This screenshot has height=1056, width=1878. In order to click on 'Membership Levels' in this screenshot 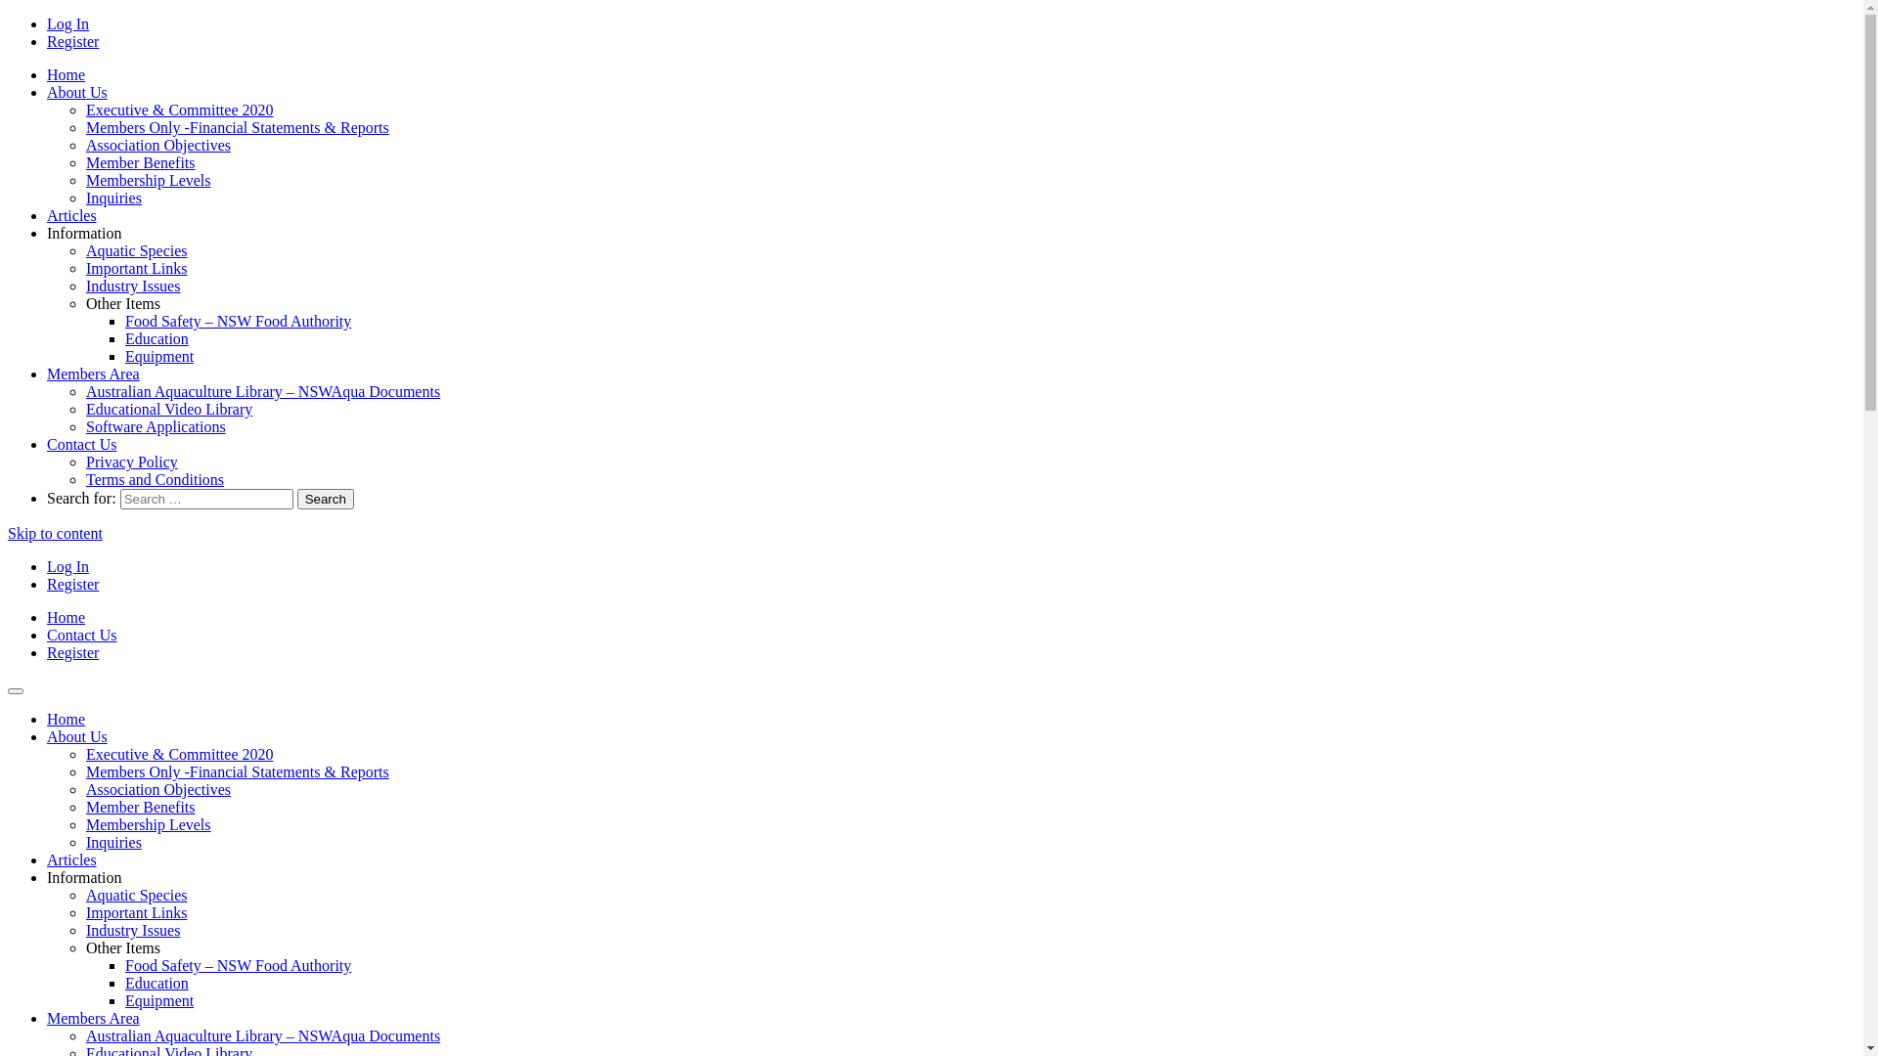, I will do `click(148, 180)`.